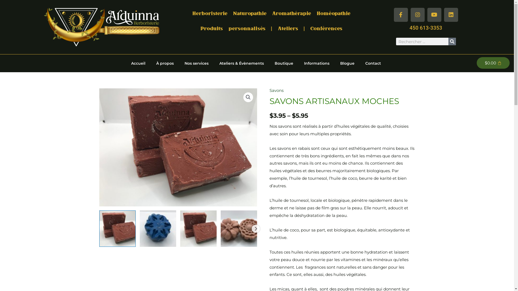 This screenshot has width=518, height=291. Describe the element at coordinates (269, 63) in the screenshot. I see `'Boutique'` at that location.